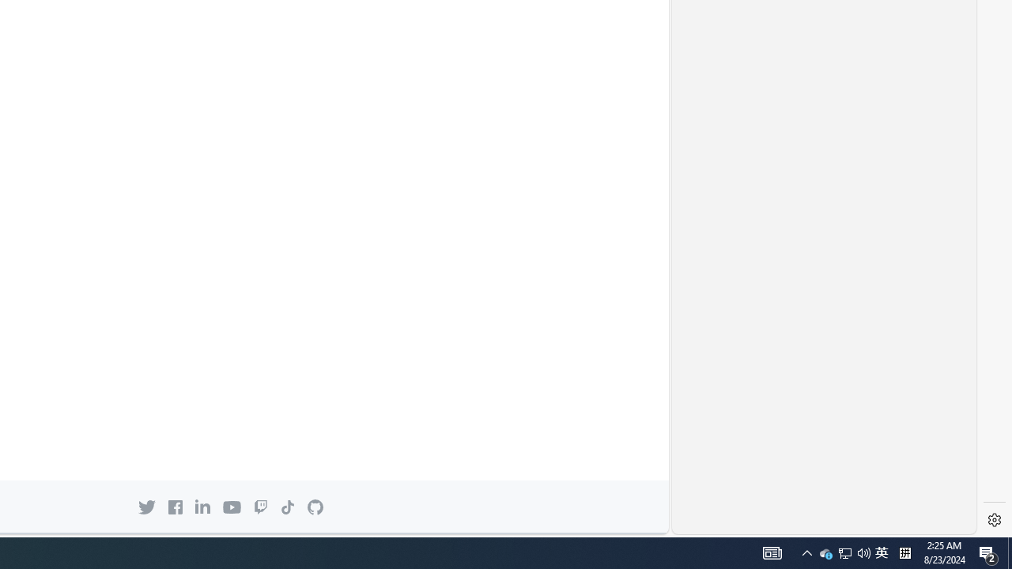  What do you see at coordinates (175, 507) in the screenshot?
I see `'Facebook icon'` at bounding box center [175, 507].